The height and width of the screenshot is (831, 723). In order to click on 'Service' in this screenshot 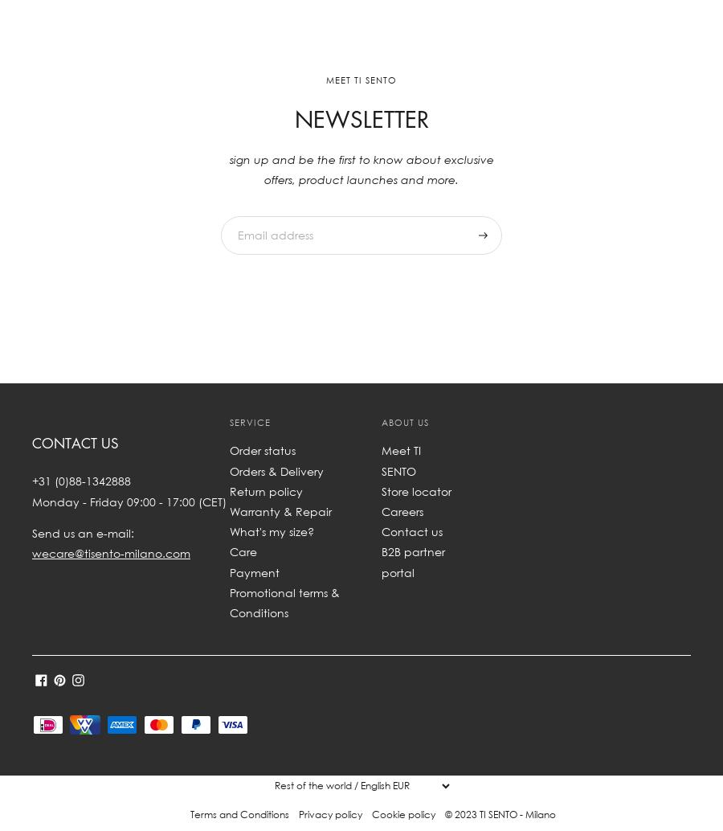, I will do `click(229, 421)`.